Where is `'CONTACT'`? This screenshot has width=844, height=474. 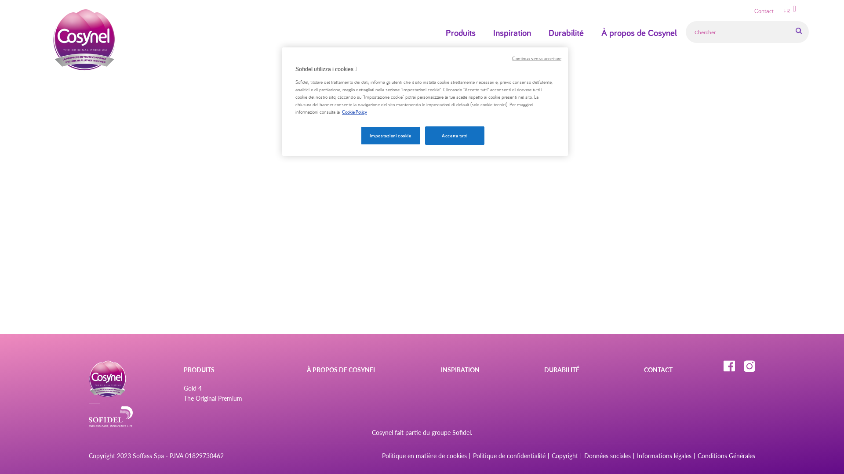
'CONTACT' is located at coordinates (658, 370).